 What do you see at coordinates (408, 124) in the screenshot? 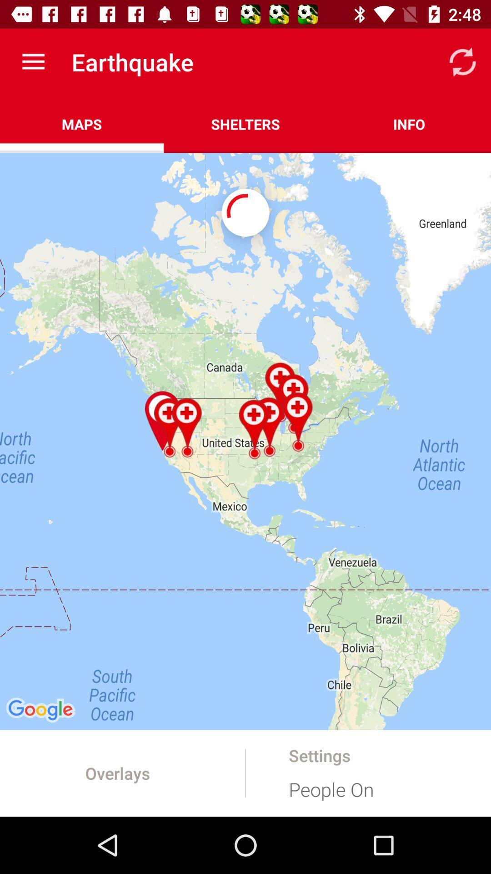
I see `item to the right of the shelters item` at bounding box center [408, 124].